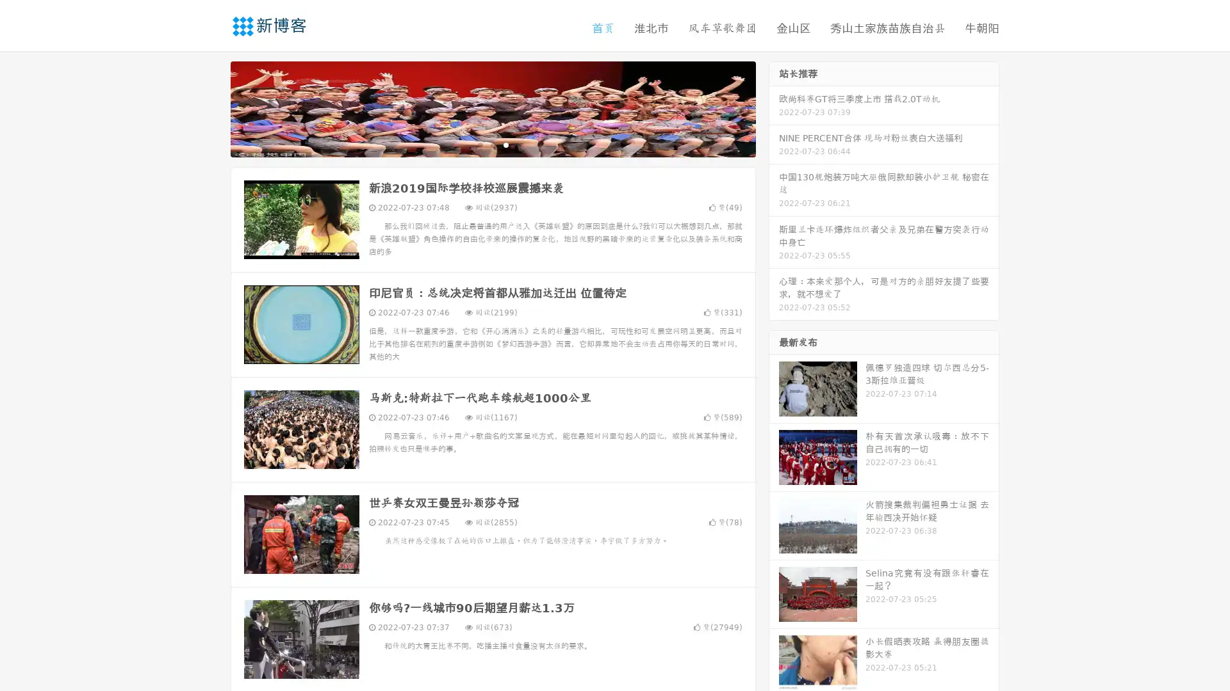  I want to click on Go to slide 3, so click(505, 144).